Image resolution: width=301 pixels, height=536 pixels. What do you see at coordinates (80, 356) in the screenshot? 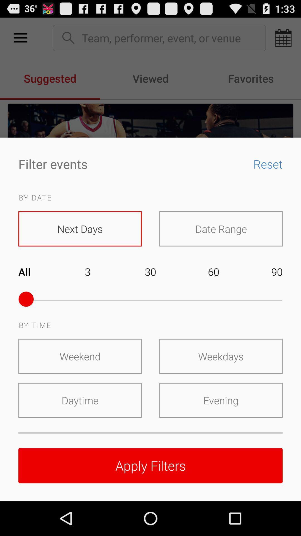
I see `weekend item` at bounding box center [80, 356].